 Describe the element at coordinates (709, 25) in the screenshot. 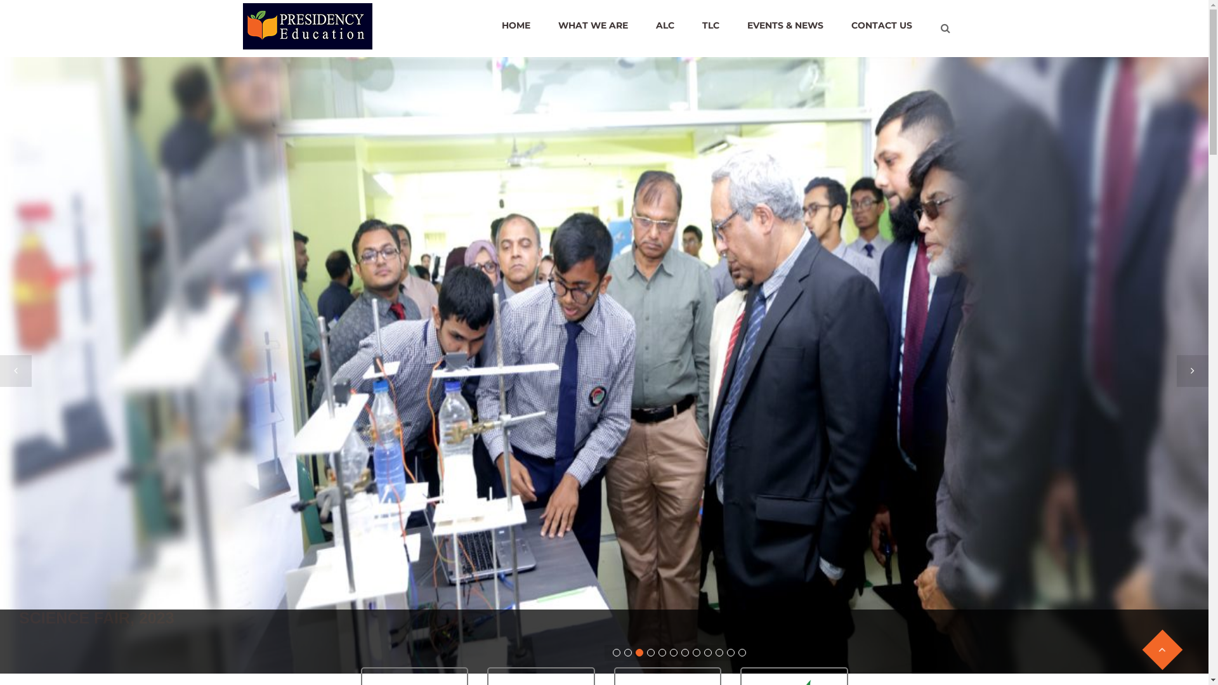

I see `'TLC'` at that location.